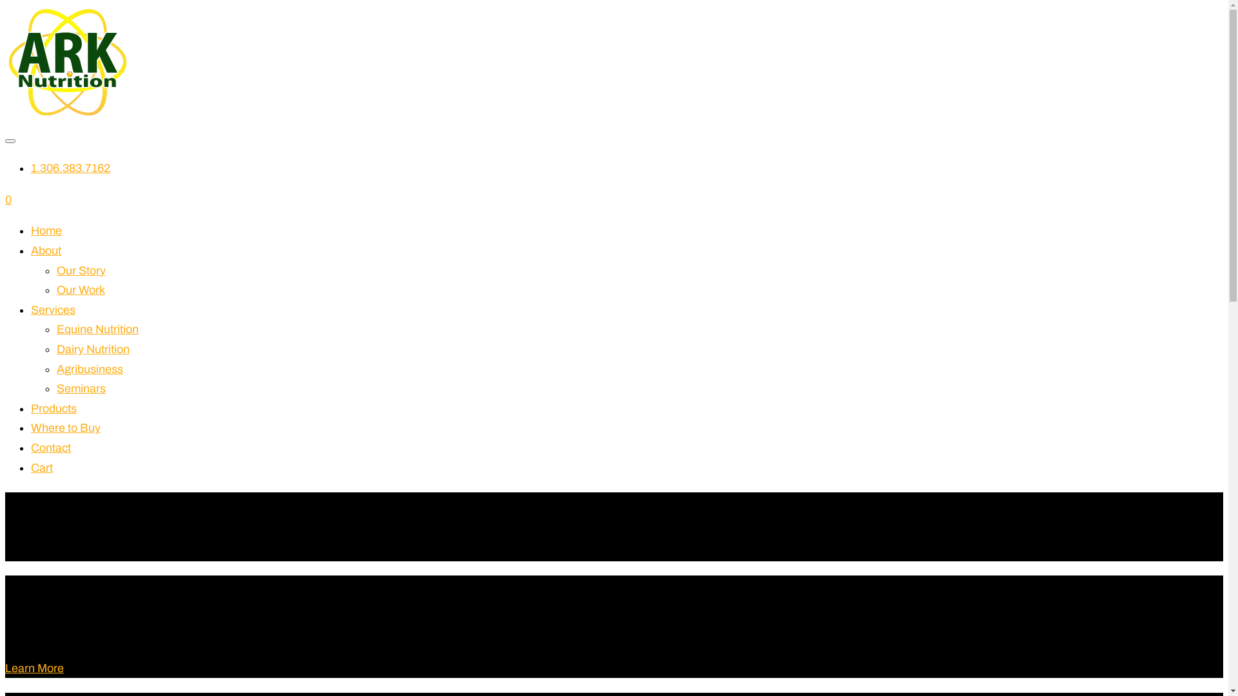 The width and height of the screenshot is (1238, 696). Describe the element at coordinates (89, 369) in the screenshot. I see `'Agribusiness'` at that location.